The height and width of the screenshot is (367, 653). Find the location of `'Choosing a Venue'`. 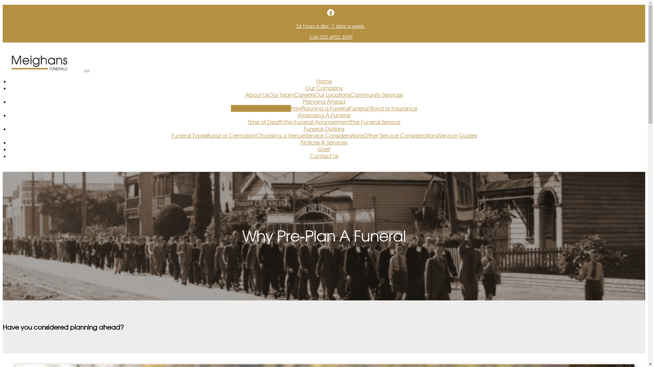

'Choosing a Venue' is located at coordinates (281, 135).